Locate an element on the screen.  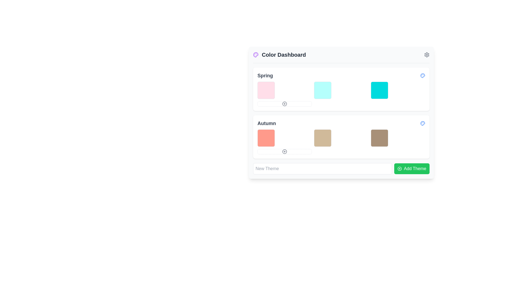
the circular button located in the 'Autumn' section below the colored square is located at coordinates (284, 152).